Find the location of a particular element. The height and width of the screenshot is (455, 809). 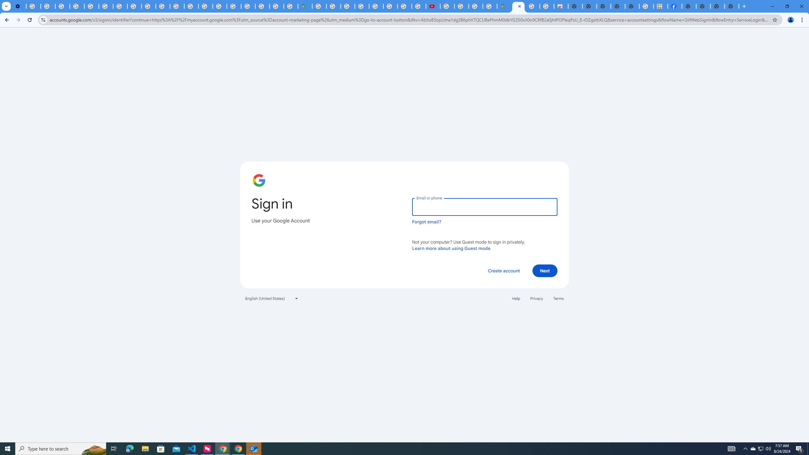

'Back' is located at coordinates (6, 20).